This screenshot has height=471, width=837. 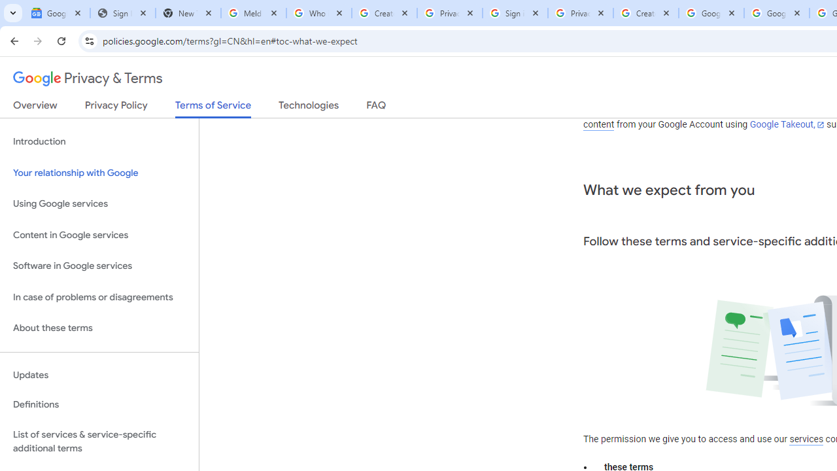 I want to click on 'Updates', so click(x=99, y=375).